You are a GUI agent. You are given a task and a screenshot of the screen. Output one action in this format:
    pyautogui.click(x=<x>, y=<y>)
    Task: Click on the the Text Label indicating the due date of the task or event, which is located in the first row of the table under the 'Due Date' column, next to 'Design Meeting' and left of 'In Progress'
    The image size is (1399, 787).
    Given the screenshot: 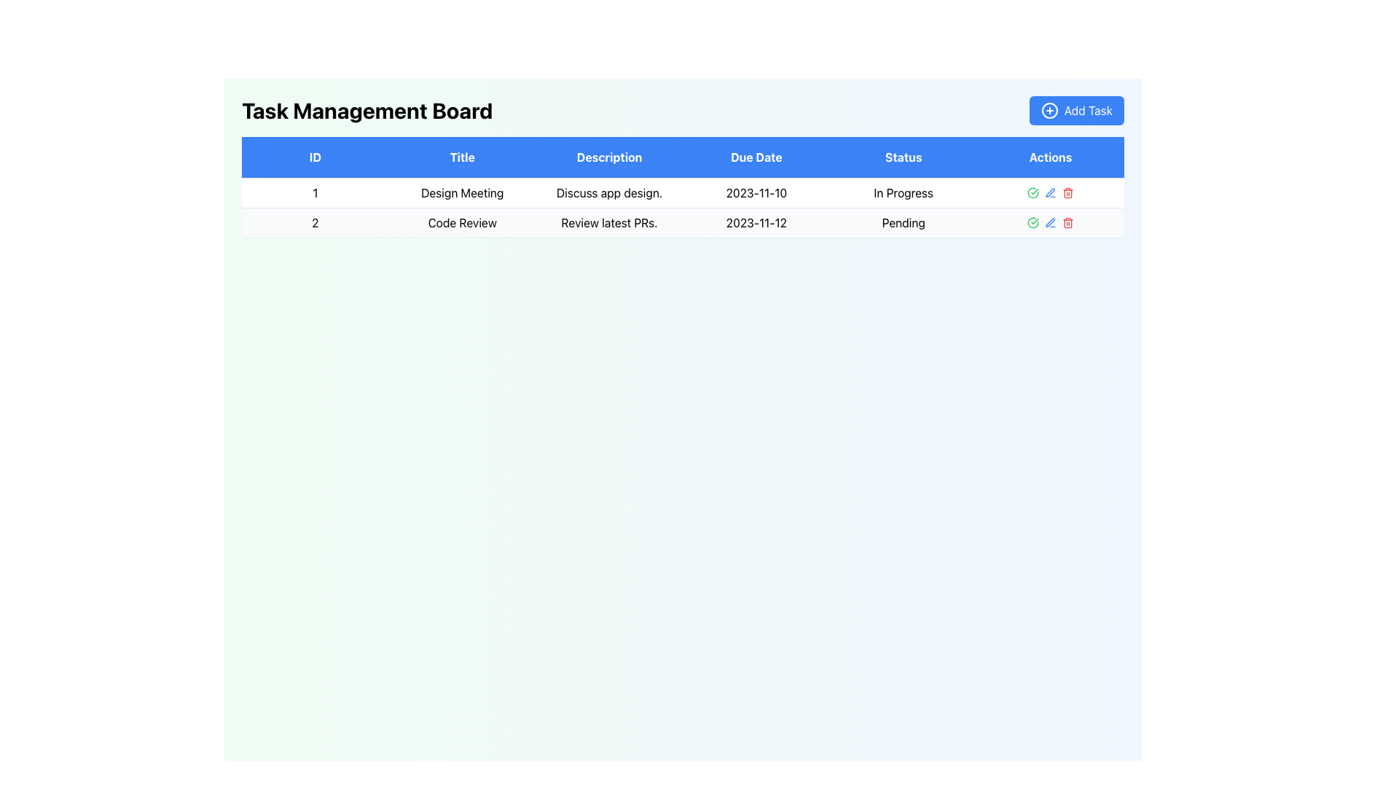 What is the action you would take?
    pyautogui.click(x=756, y=192)
    